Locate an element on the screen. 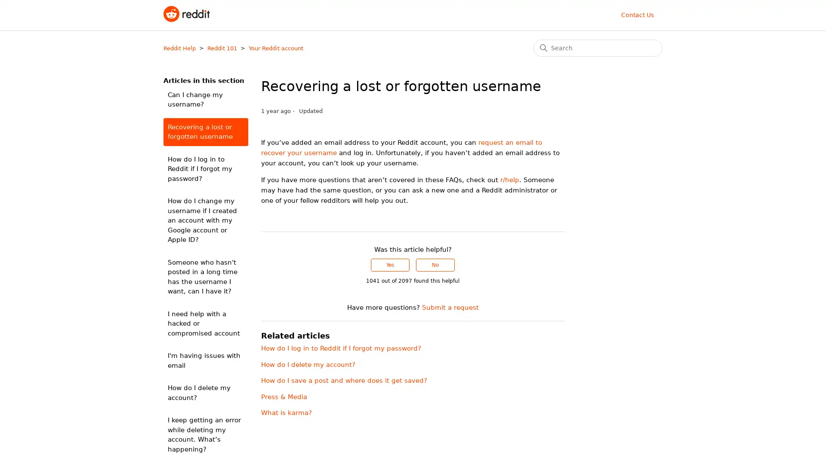 This screenshot has width=826, height=464. This article was helpful is located at coordinates (390, 265).